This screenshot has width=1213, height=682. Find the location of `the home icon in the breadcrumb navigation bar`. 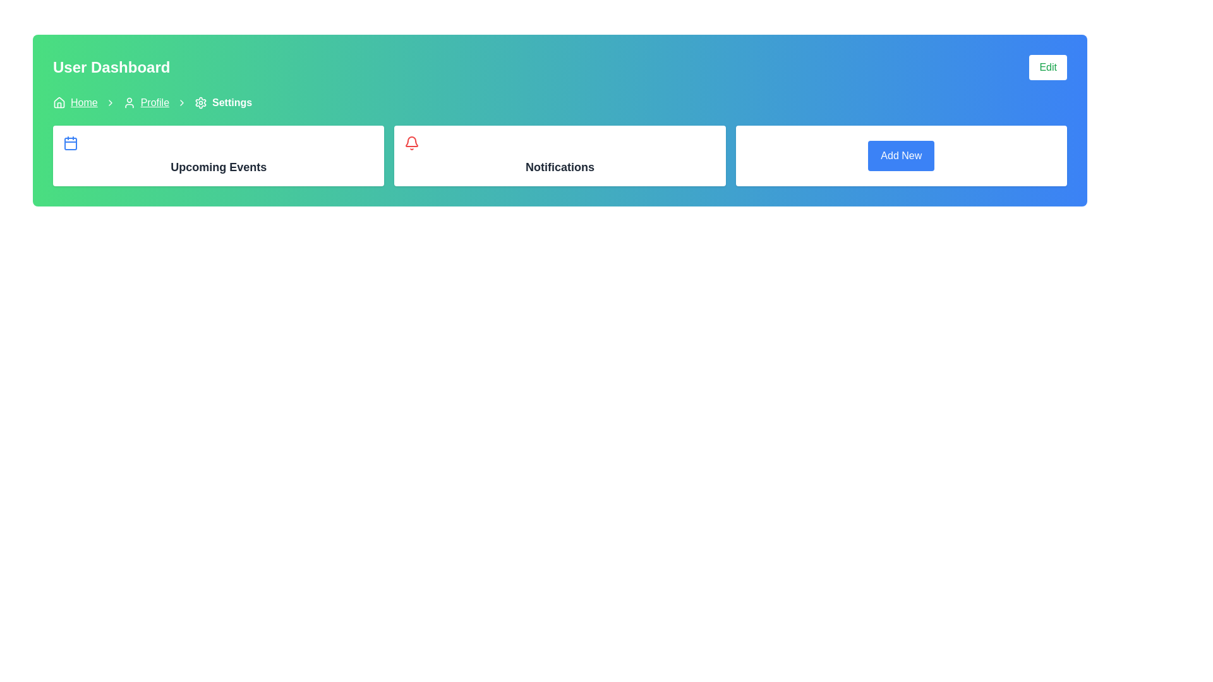

the home icon in the breadcrumb navigation bar is located at coordinates (59, 102).